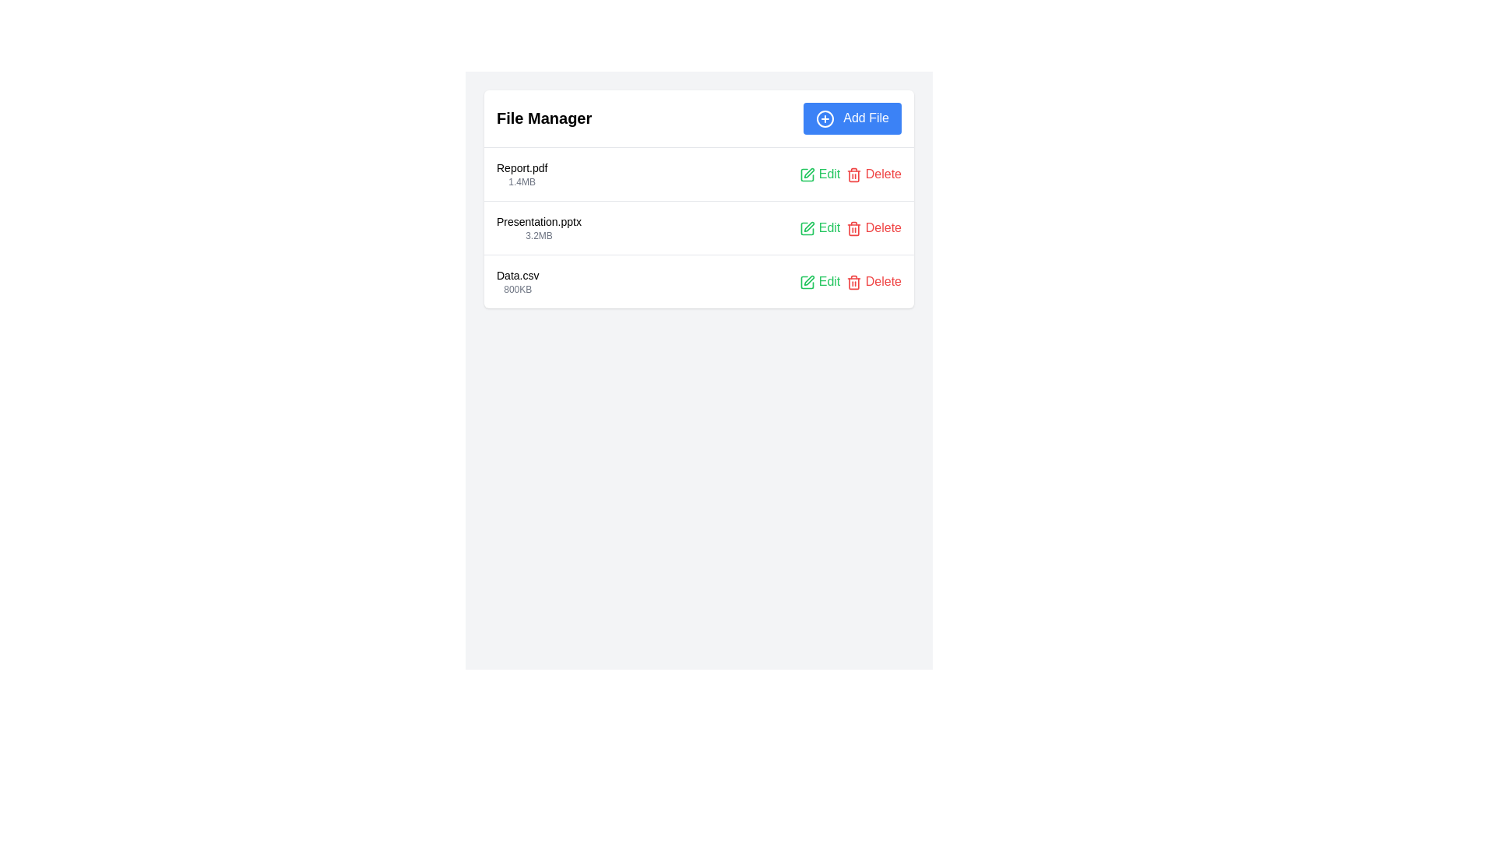  What do you see at coordinates (518, 289) in the screenshot?
I see `the text label displaying '800KB' located below 'Data.csv' in the 'File Manager' section, which is the third row in the list` at bounding box center [518, 289].